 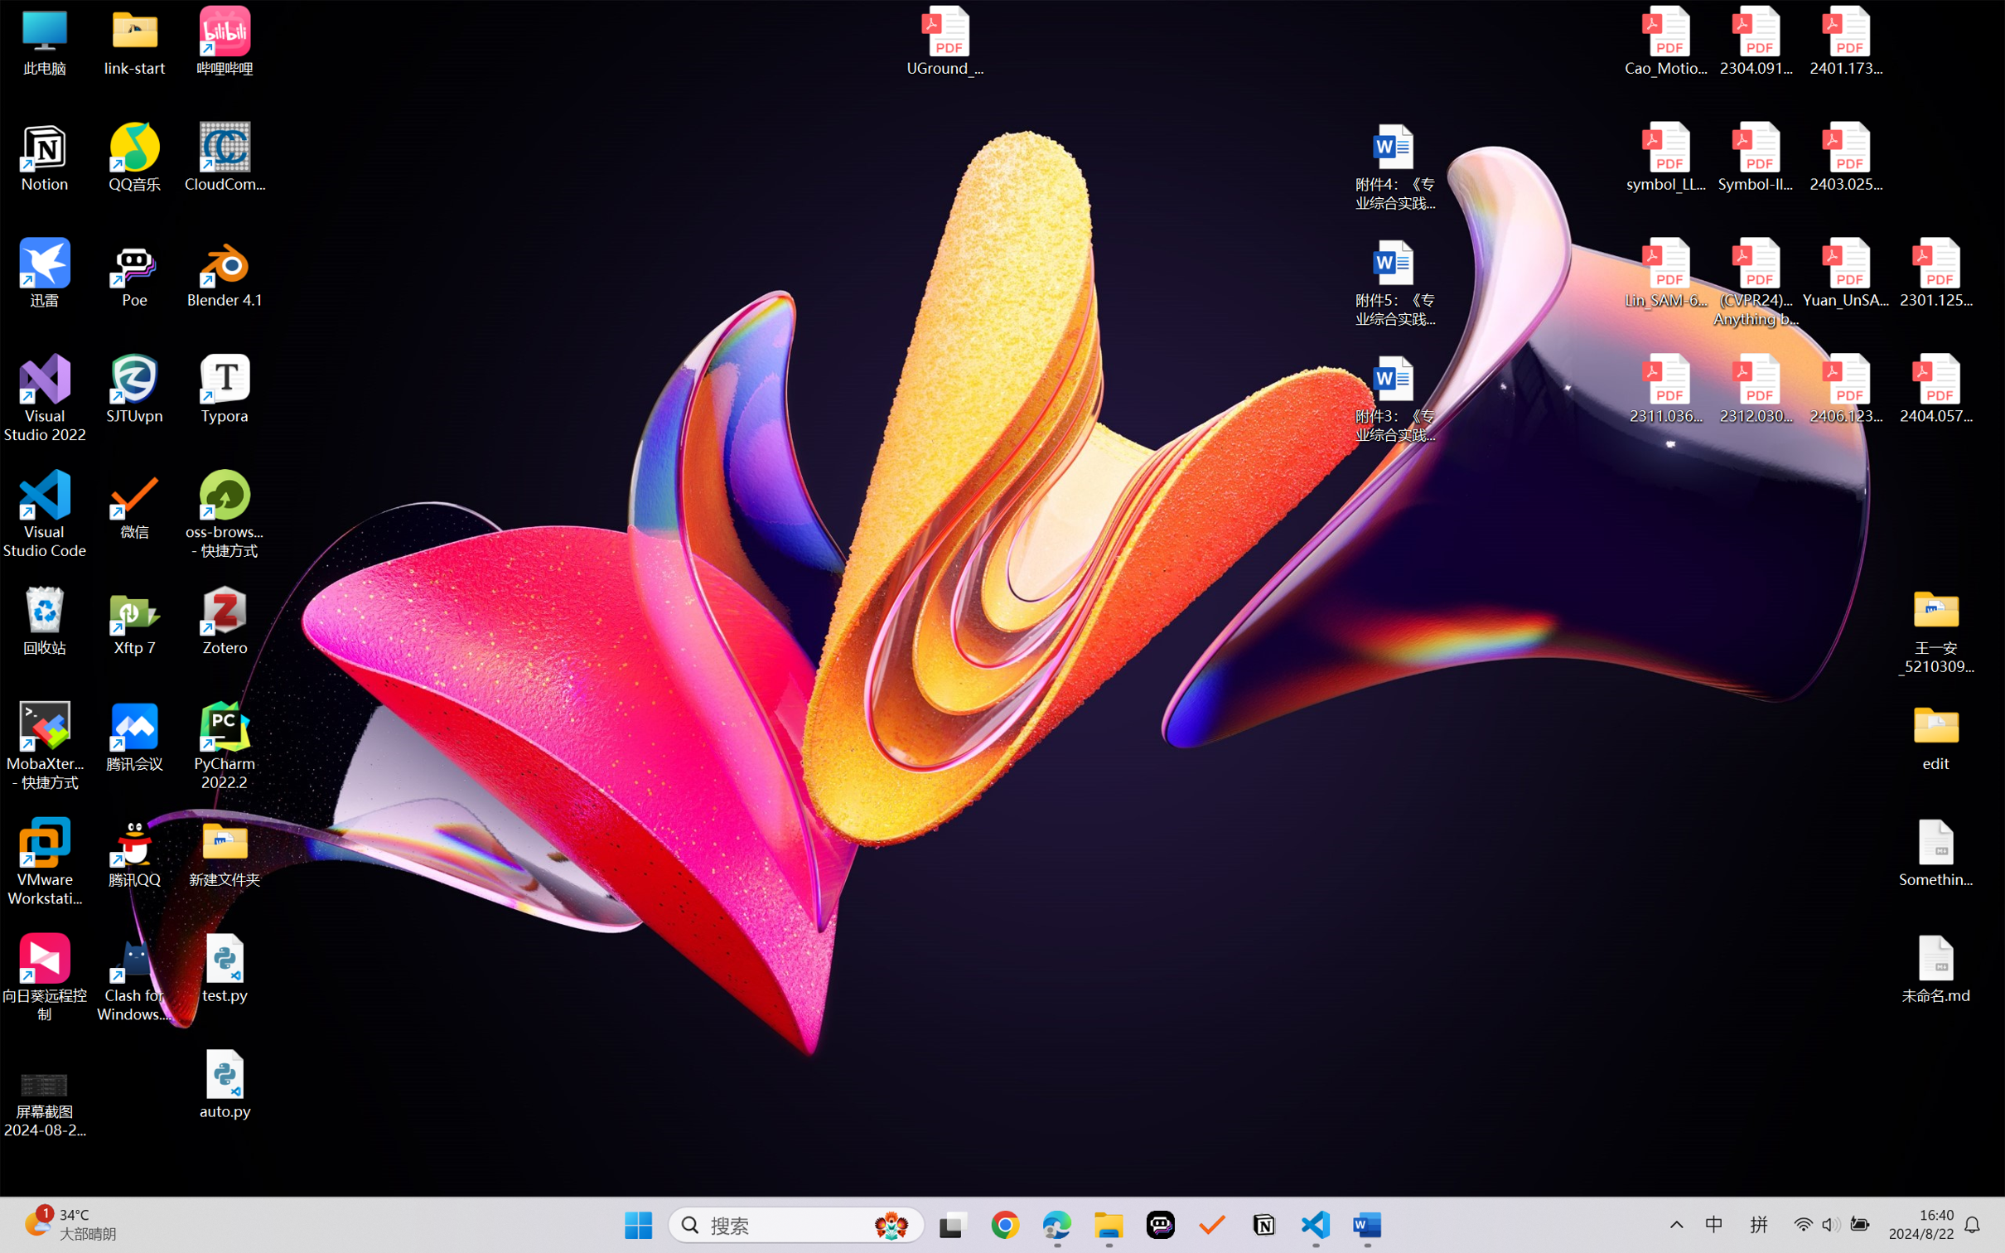 What do you see at coordinates (1755, 41) in the screenshot?
I see `'2304.09121v3.pdf'` at bounding box center [1755, 41].